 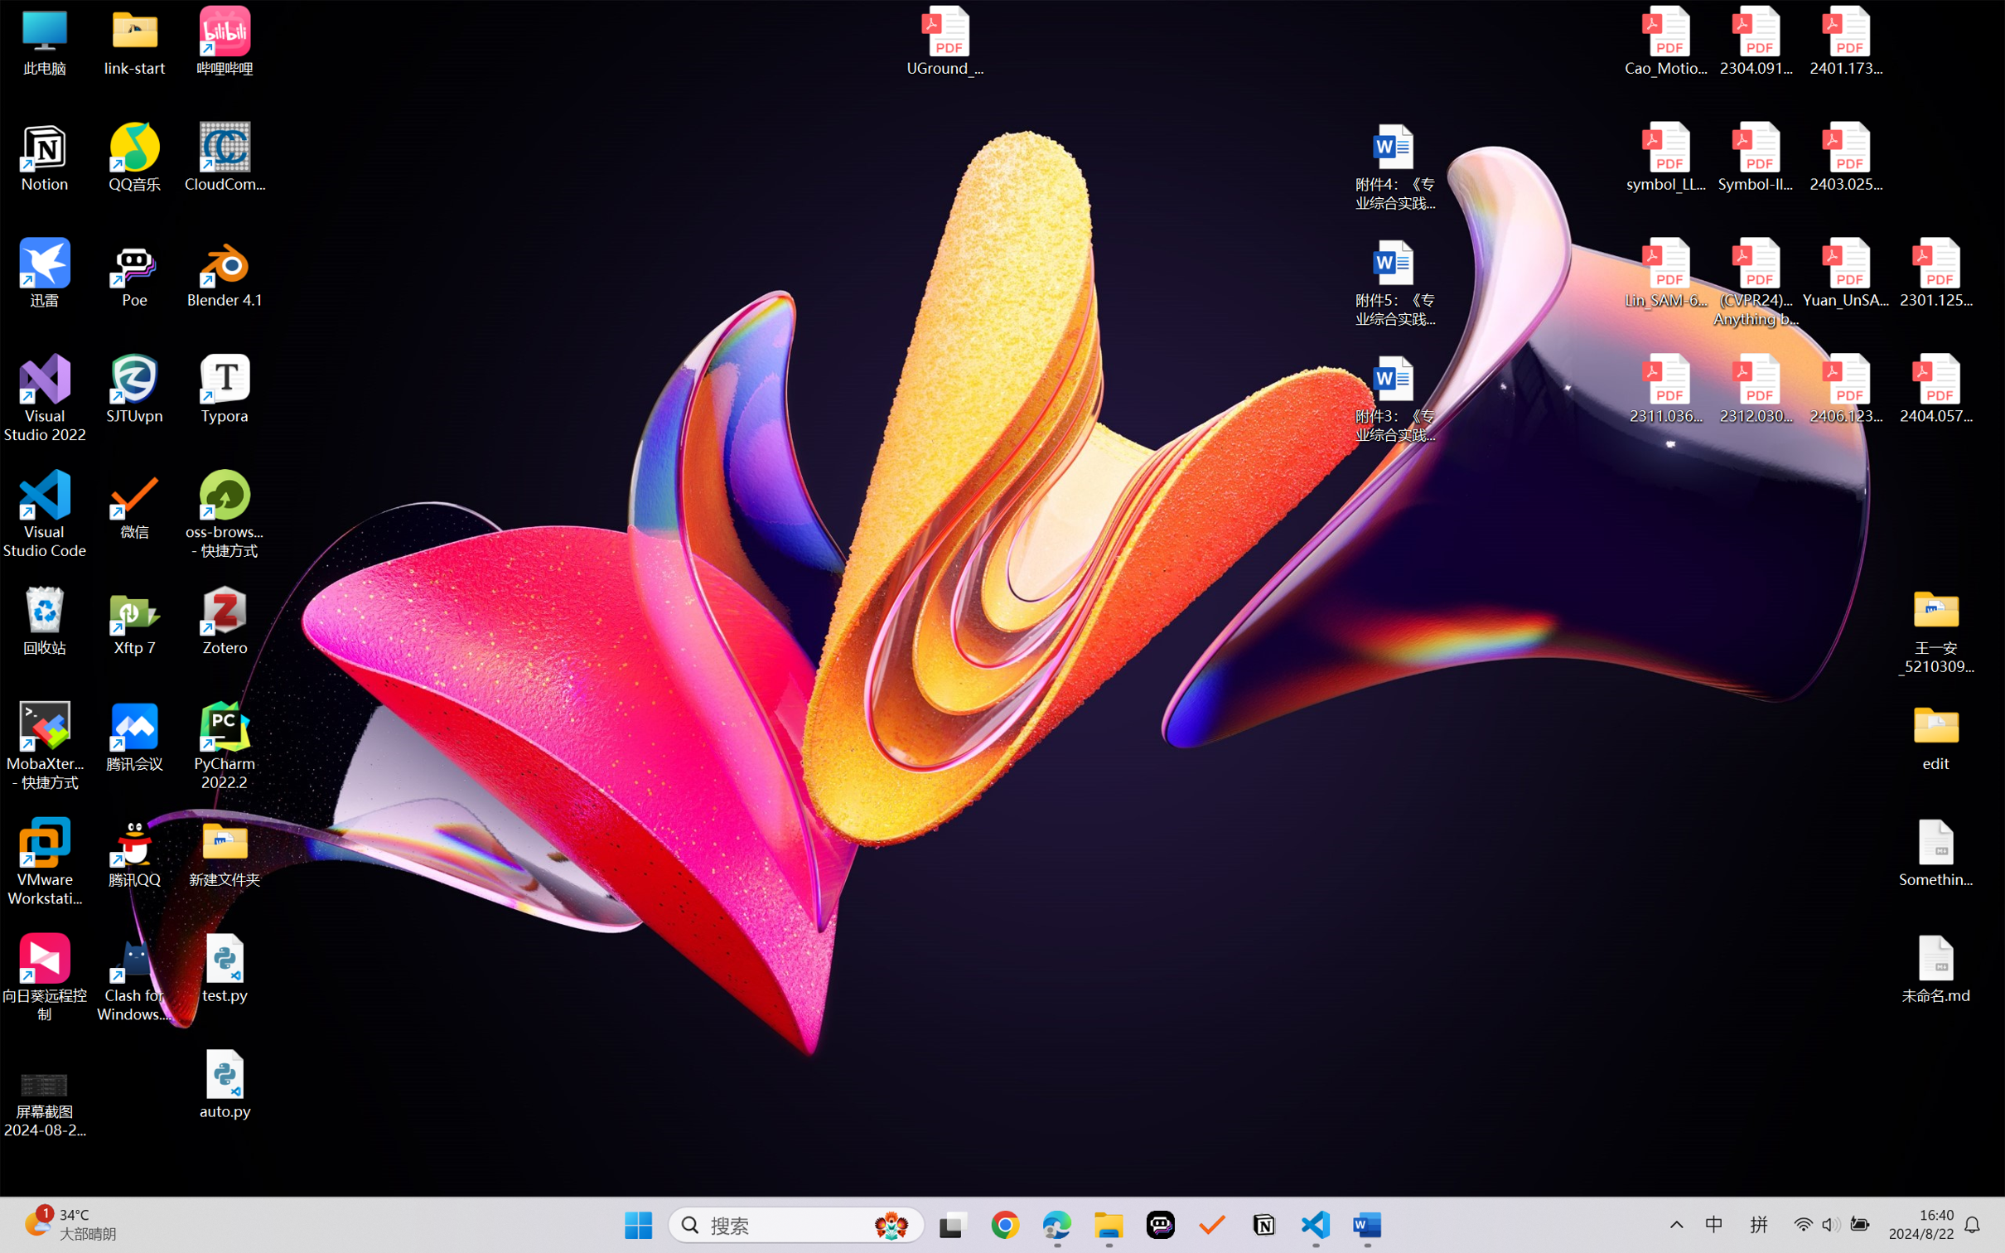 What do you see at coordinates (1755, 41) in the screenshot?
I see `'2304.09121v3.pdf'` at bounding box center [1755, 41].